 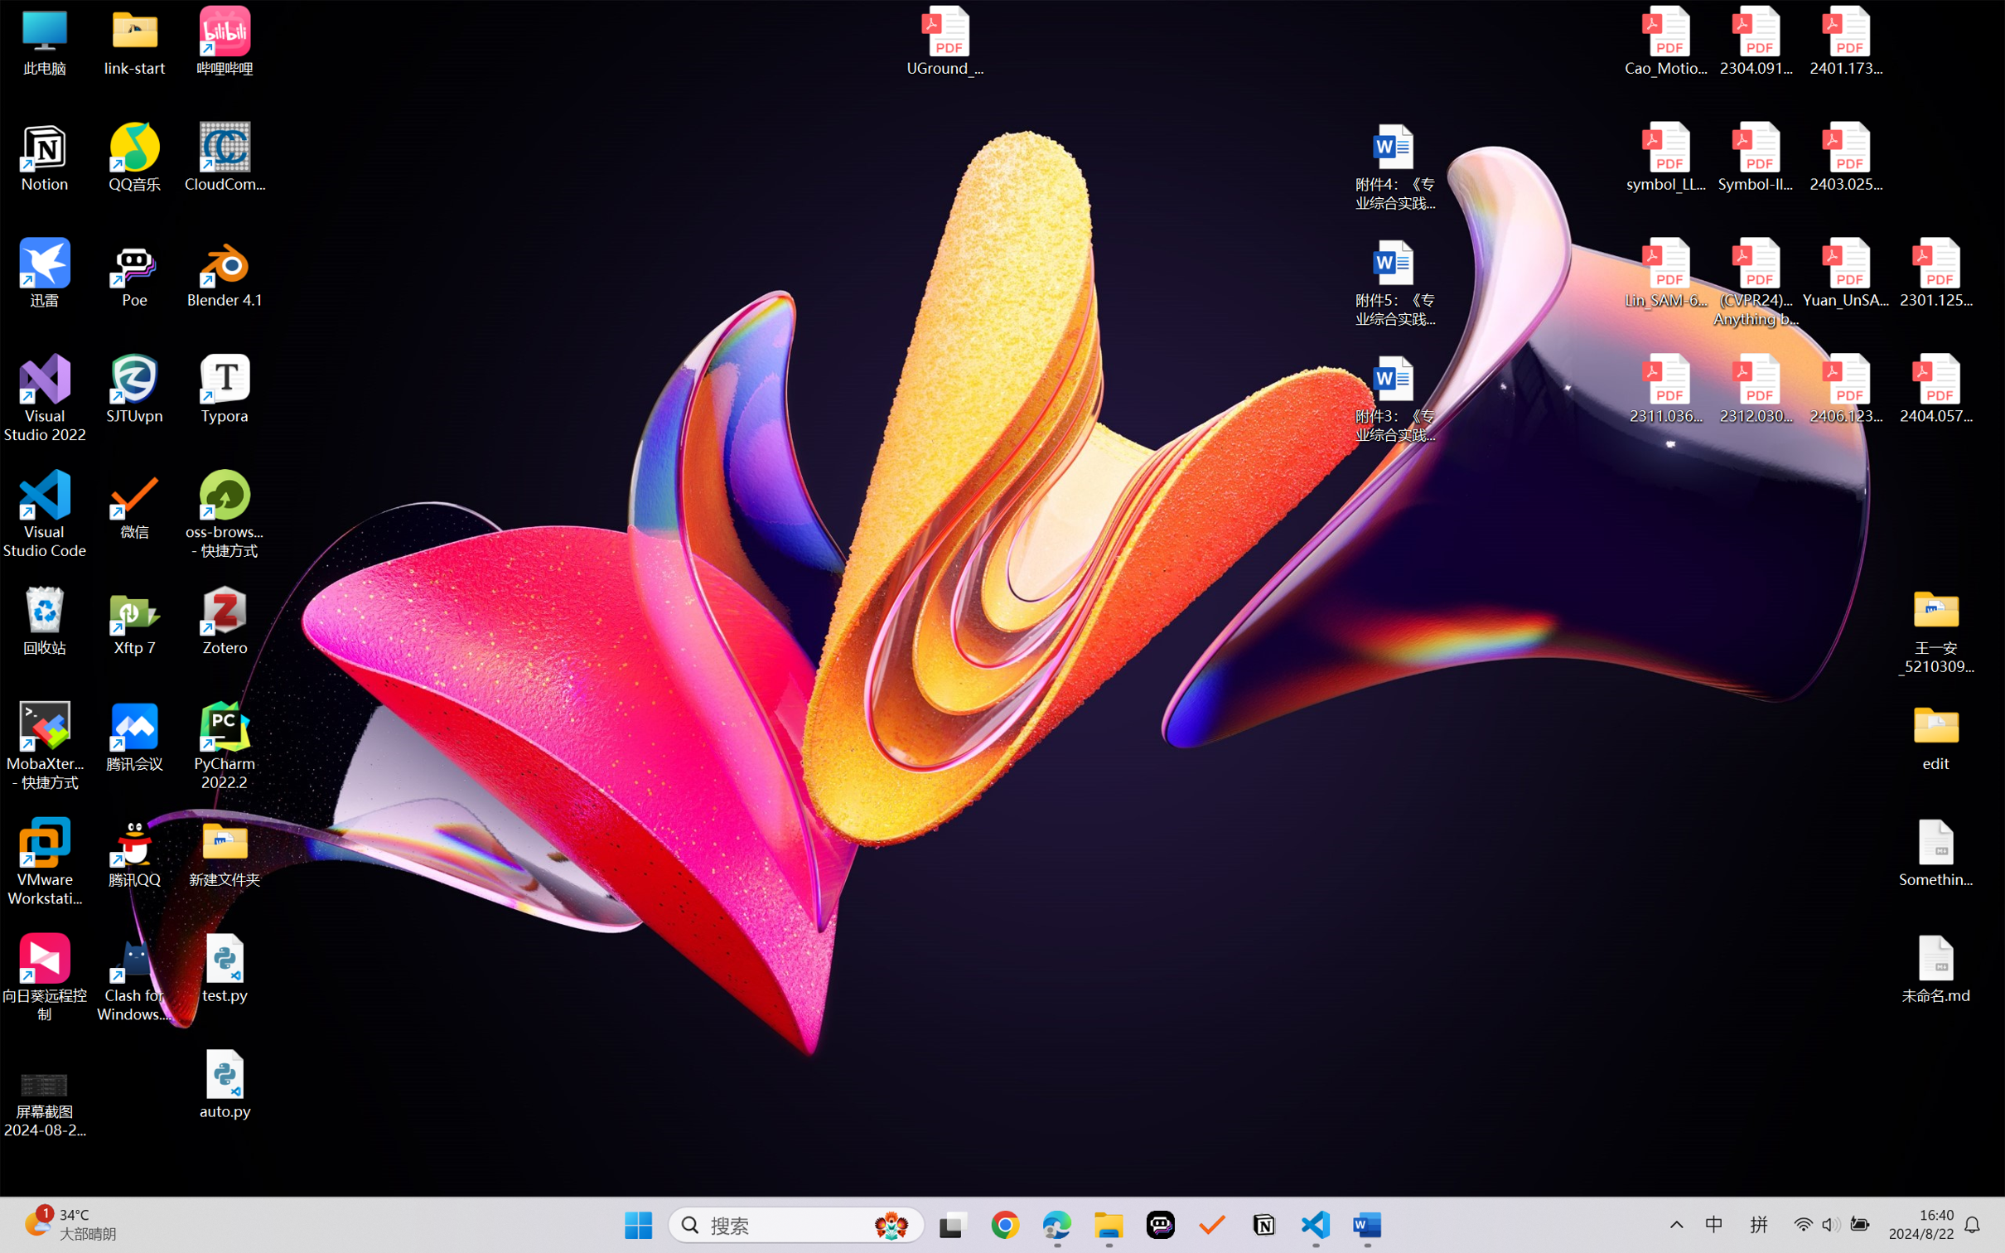 What do you see at coordinates (1755, 41) in the screenshot?
I see `'2304.09121v3.pdf'` at bounding box center [1755, 41].